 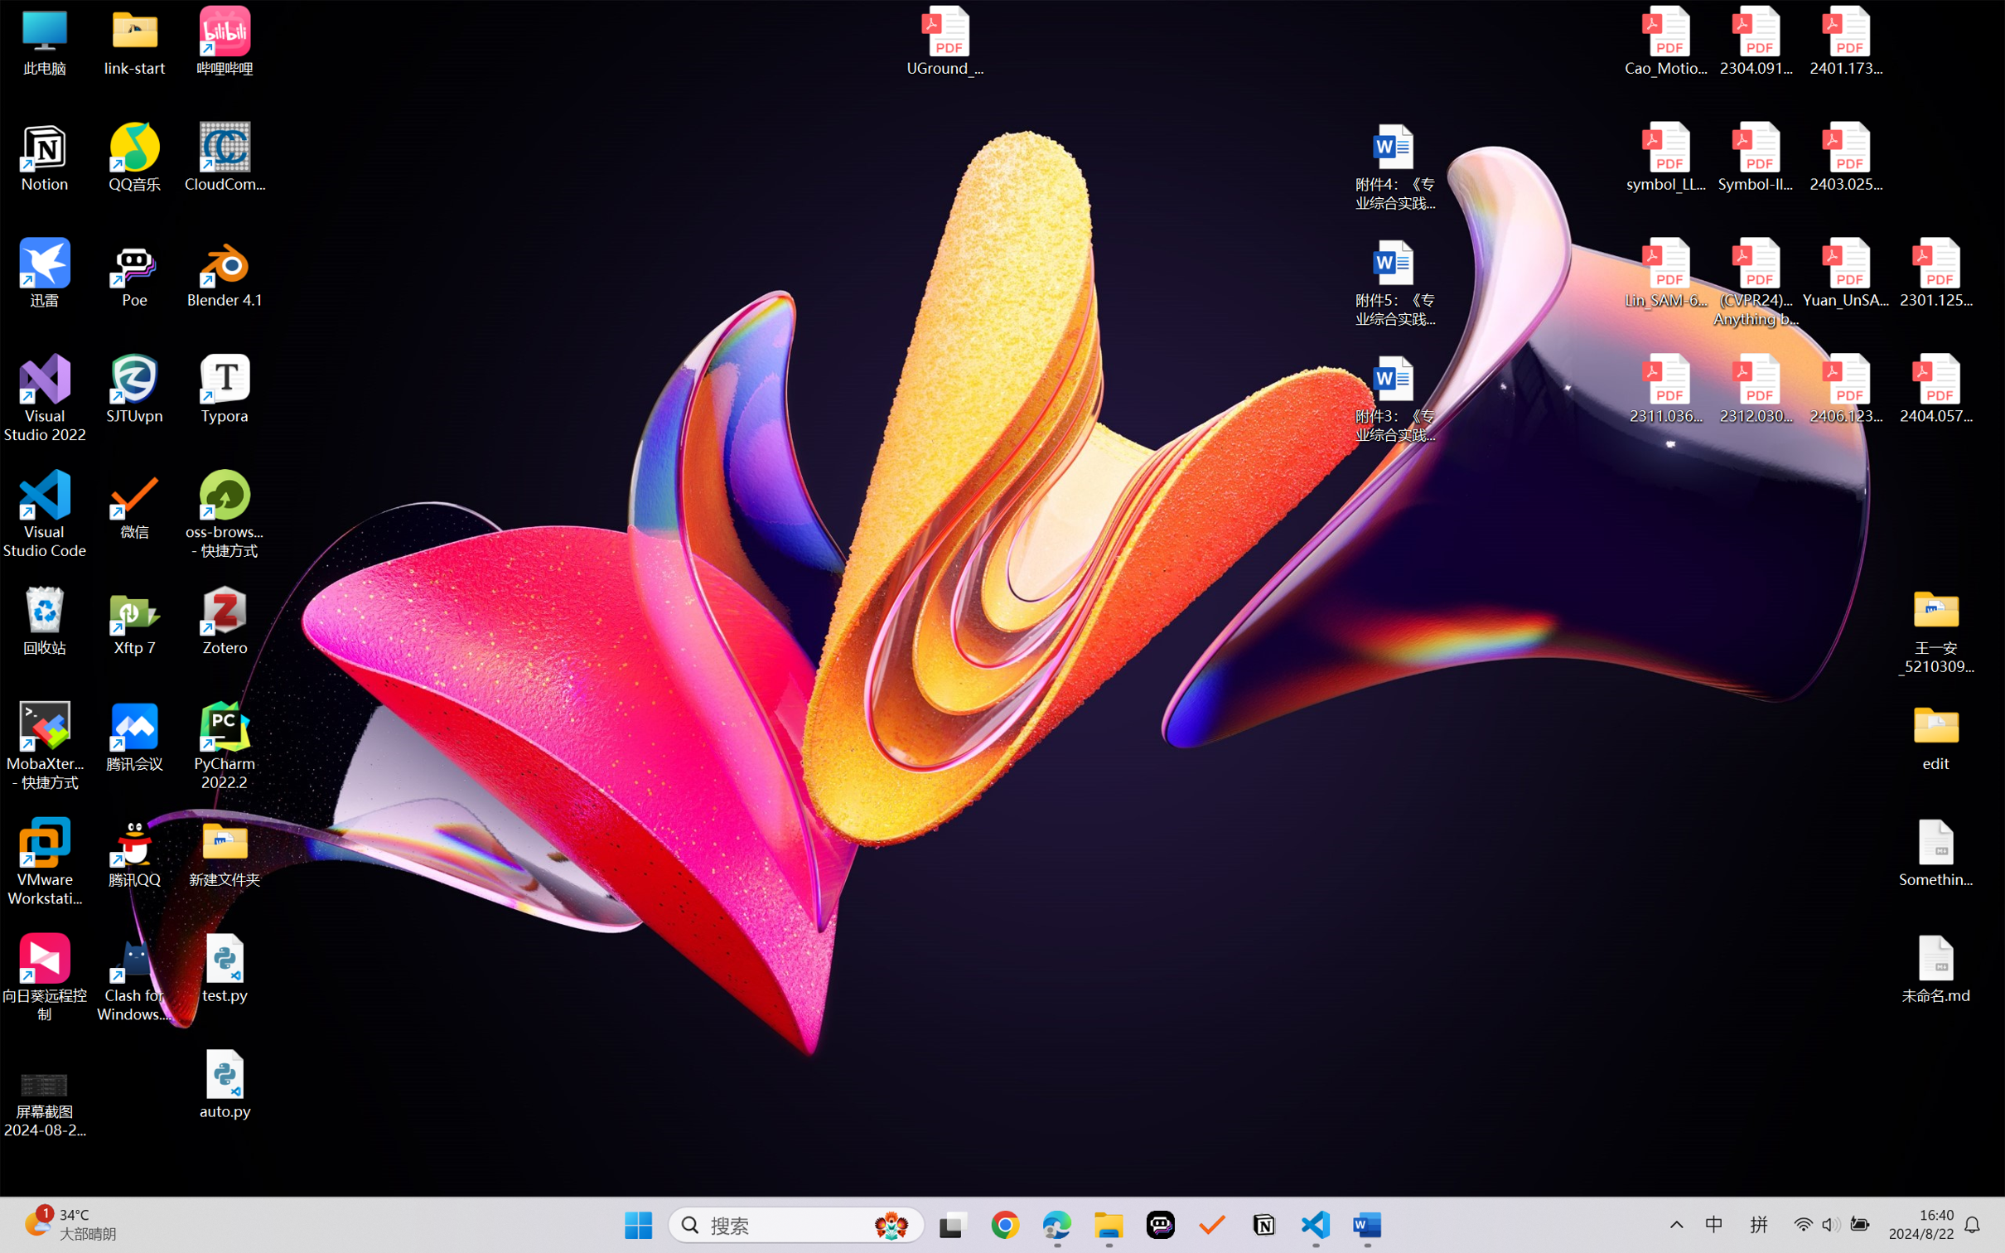 What do you see at coordinates (1755, 41) in the screenshot?
I see `'2304.09121v3.pdf'` at bounding box center [1755, 41].